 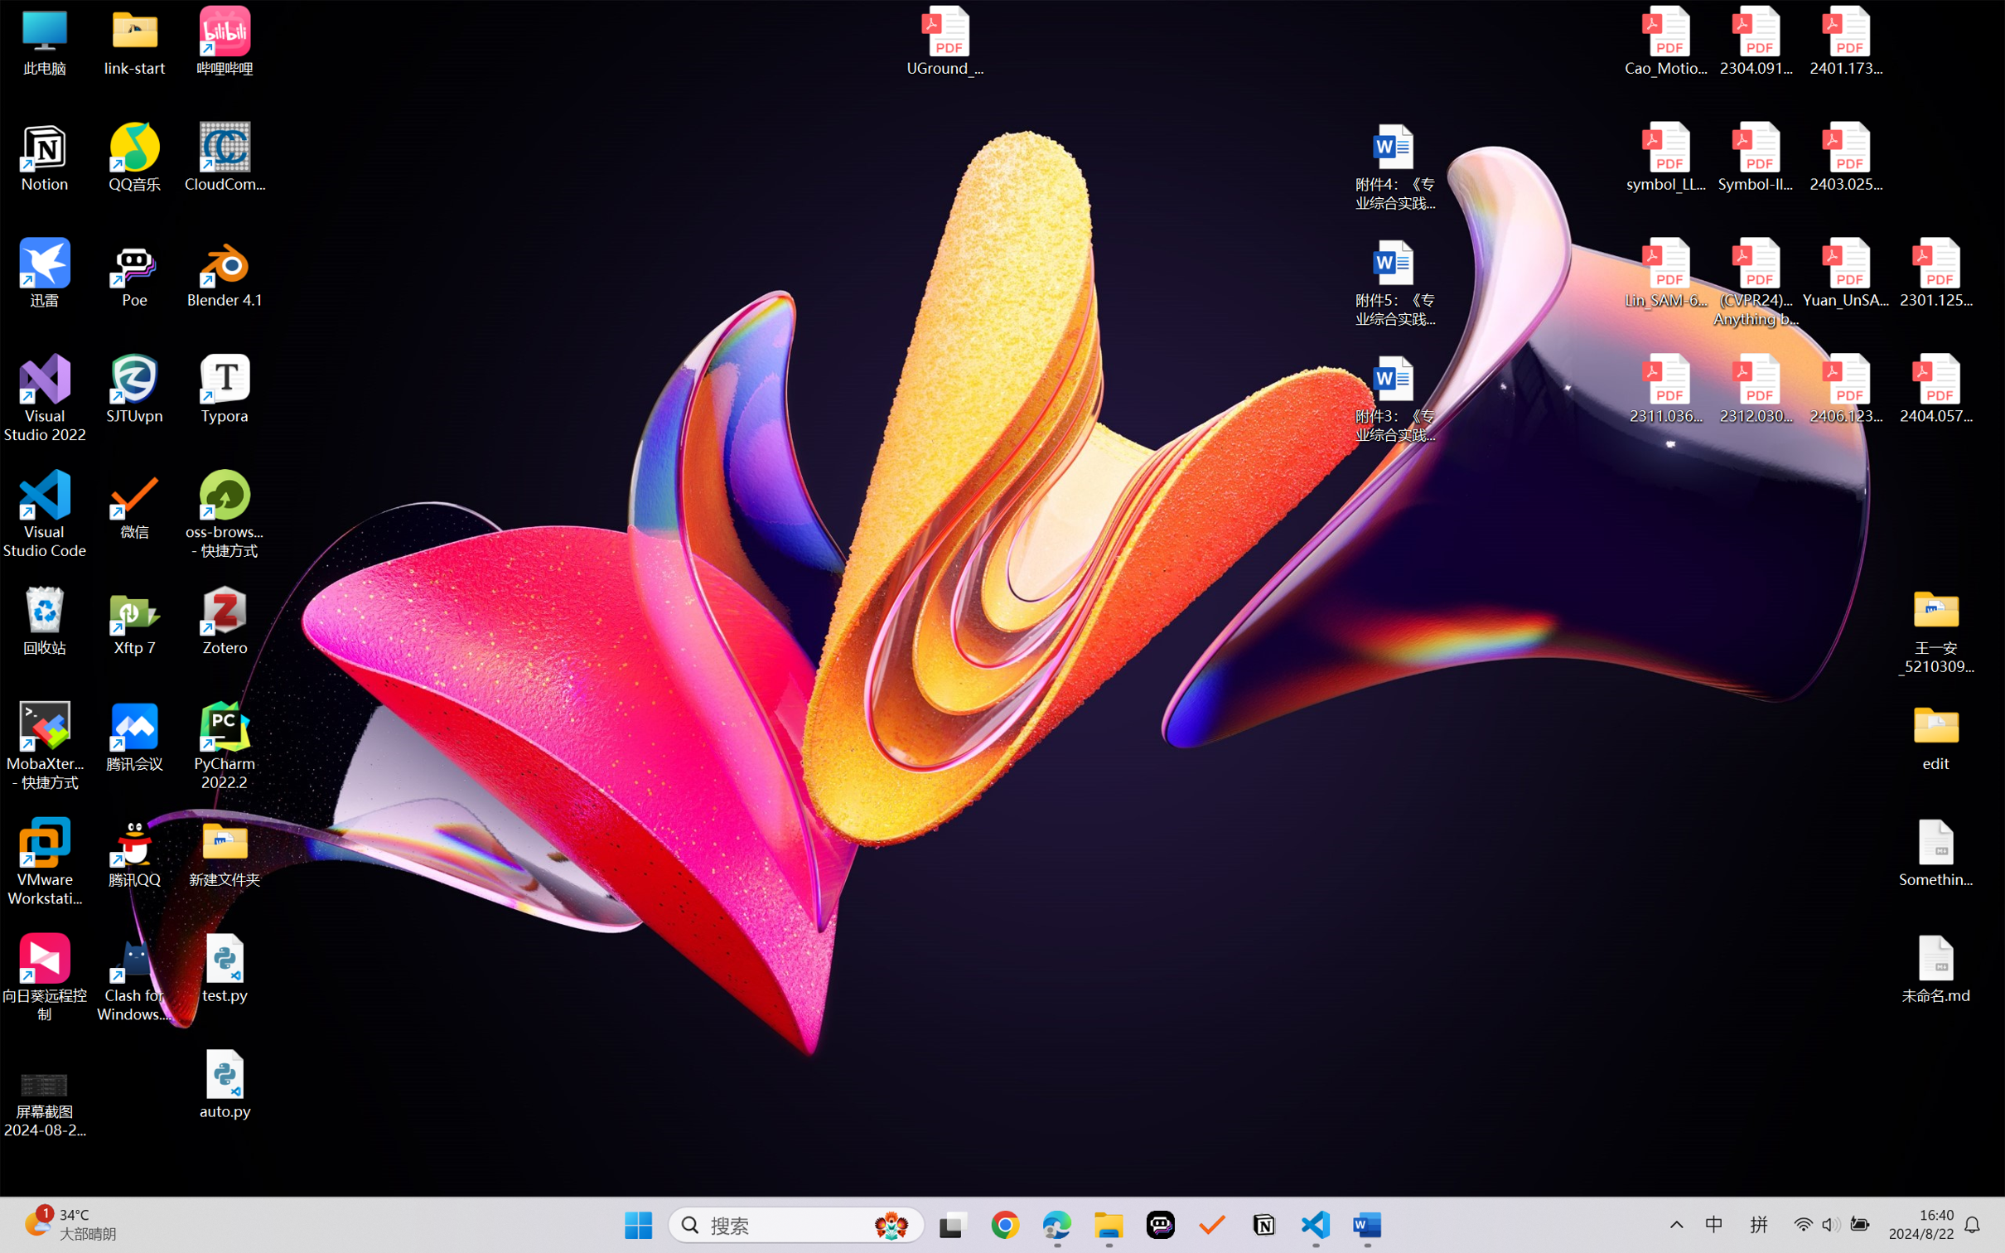 What do you see at coordinates (1755, 41) in the screenshot?
I see `'2304.09121v3.pdf'` at bounding box center [1755, 41].